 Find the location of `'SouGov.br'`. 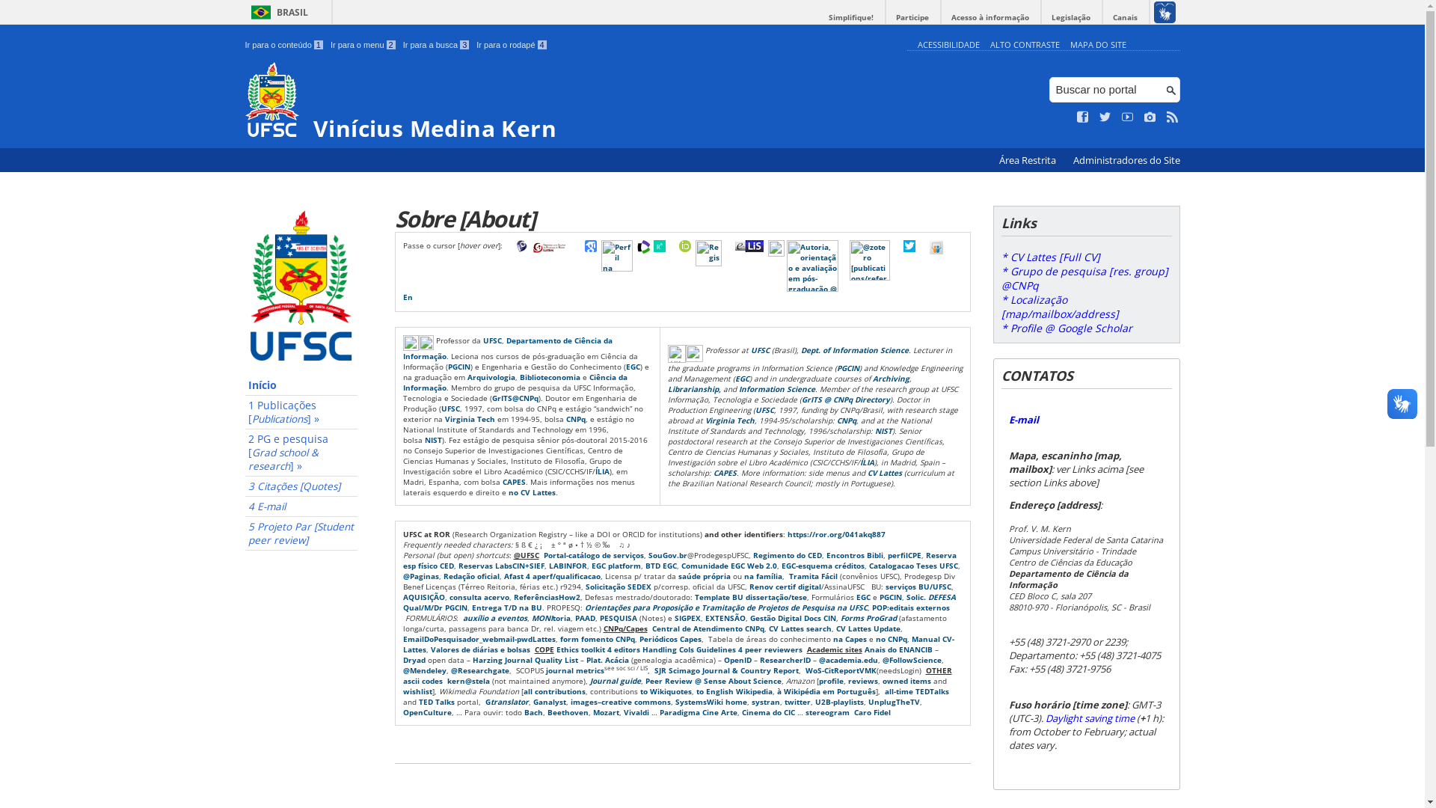

'SouGov.br' is located at coordinates (666, 554).